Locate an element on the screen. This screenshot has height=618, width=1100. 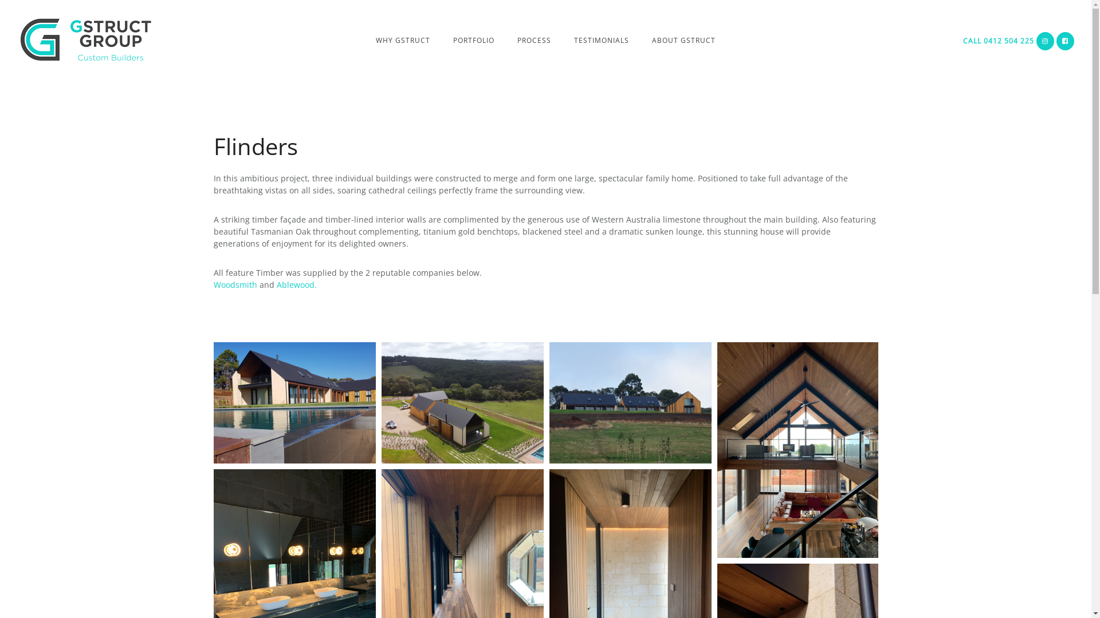
'PROCESS' is located at coordinates (533, 39).